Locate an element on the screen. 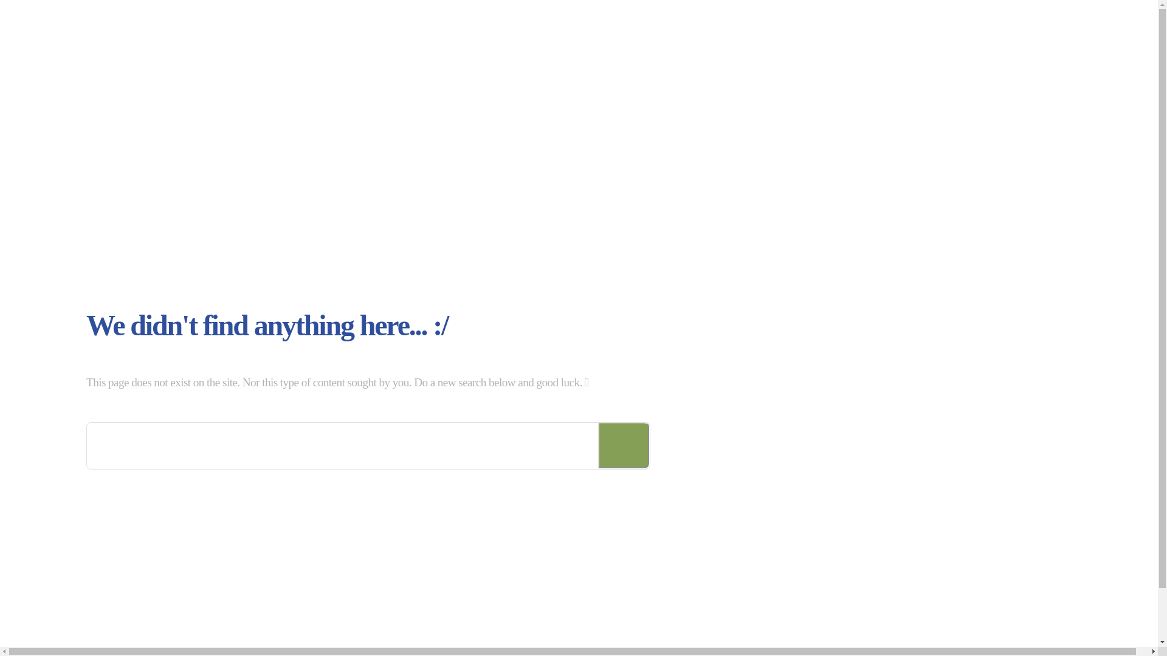  'Youtube' is located at coordinates (989, 640).